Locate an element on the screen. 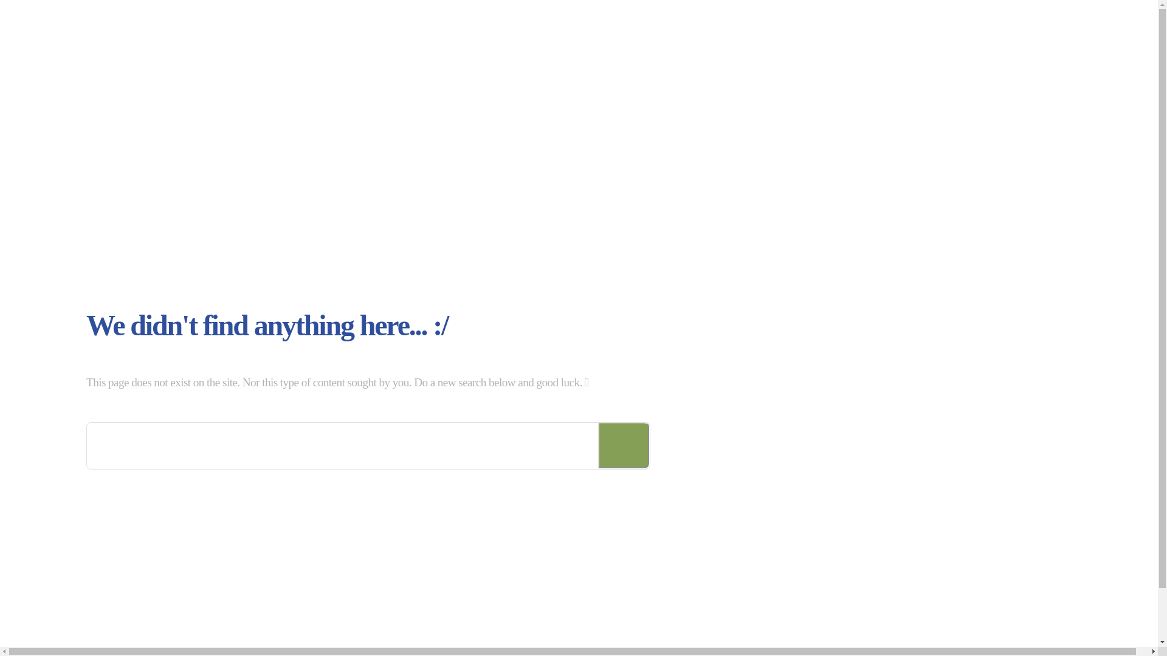  'Youtube' is located at coordinates (989, 640).